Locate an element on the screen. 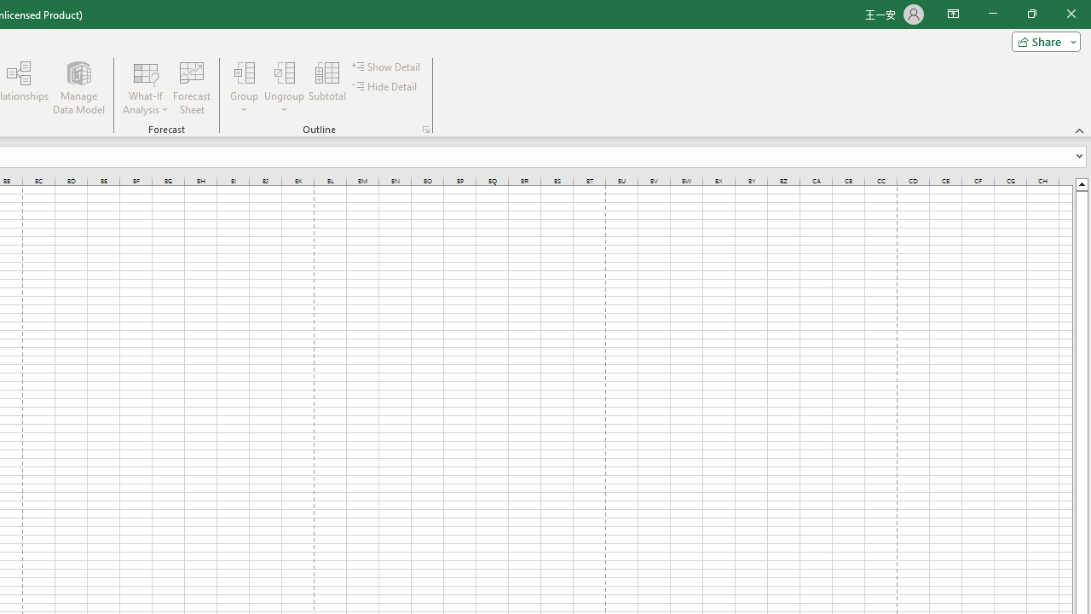 The image size is (1091, 614). 'Subtotal' is located at coordinates (327, 88).